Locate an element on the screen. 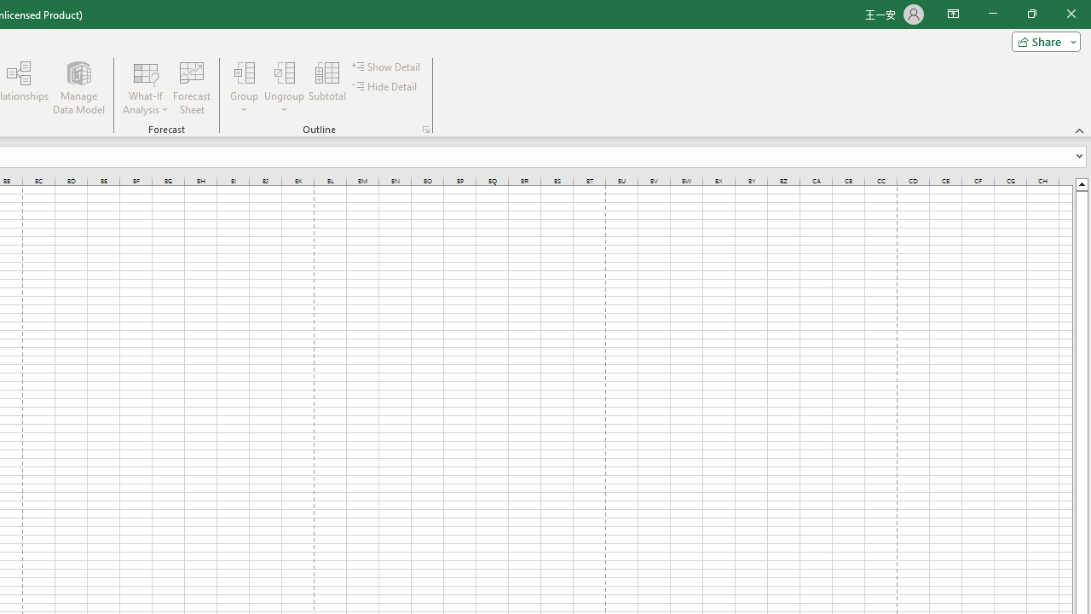 The image size is (1091, 614). 'Subtotal' is located at coordinates (327, 88).